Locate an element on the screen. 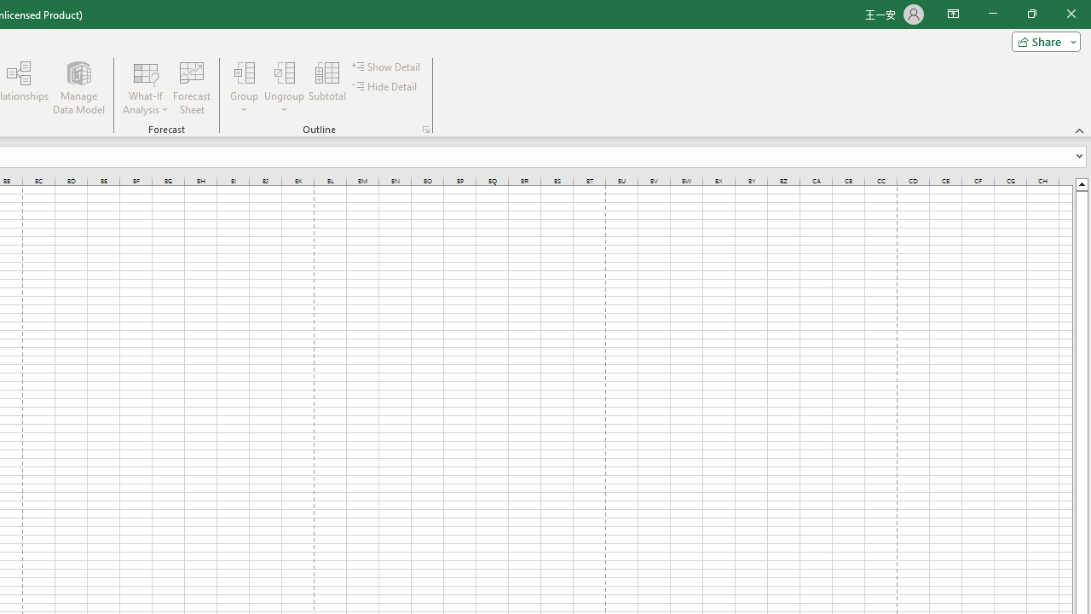 The image size is (1091, 614). 'Subtotal' is located at coordinates (327, 88).